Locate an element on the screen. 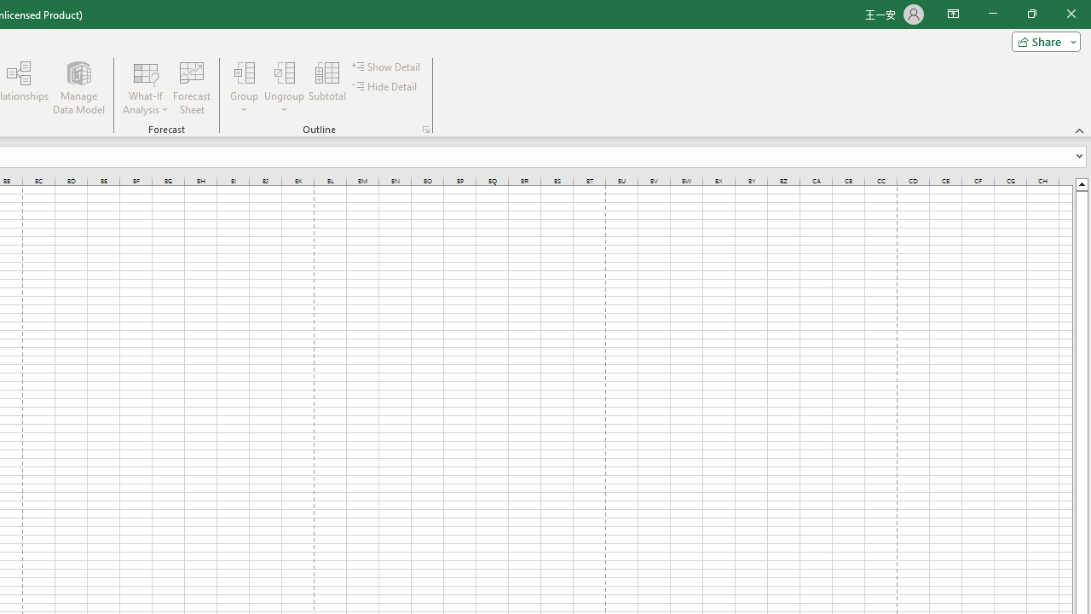 The image size is (1091, 614). 'Subtotal' is located at coordinates (327, 88).